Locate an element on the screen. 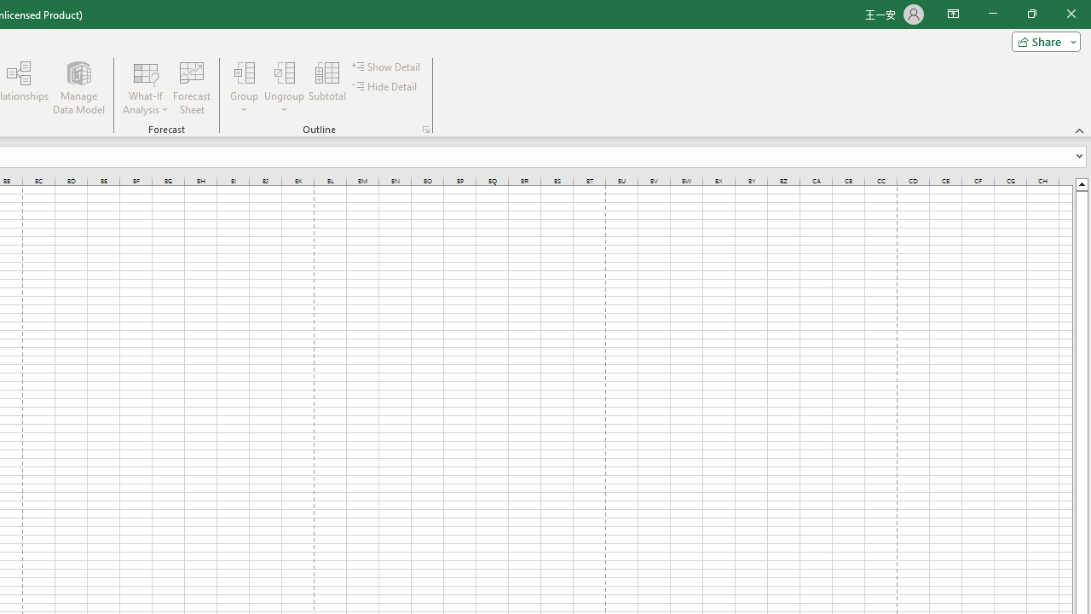 The image size is (1091, 614). 'Subtotal' is located at coordinates (327, 88).